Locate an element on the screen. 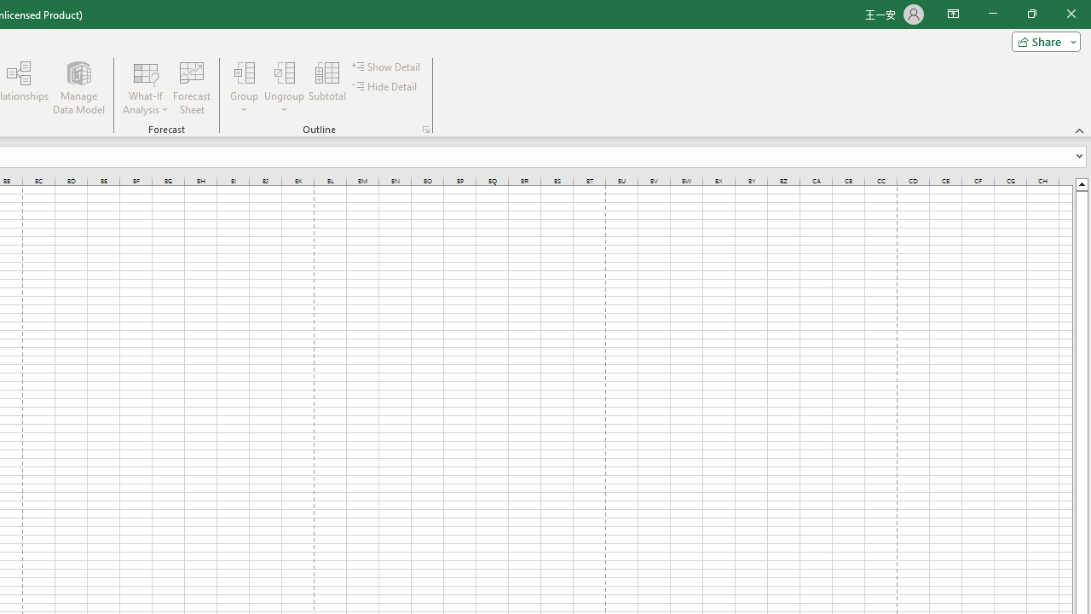 The image size is (1091, 614). 'Subtotal' is located at coordinates (327, 88).